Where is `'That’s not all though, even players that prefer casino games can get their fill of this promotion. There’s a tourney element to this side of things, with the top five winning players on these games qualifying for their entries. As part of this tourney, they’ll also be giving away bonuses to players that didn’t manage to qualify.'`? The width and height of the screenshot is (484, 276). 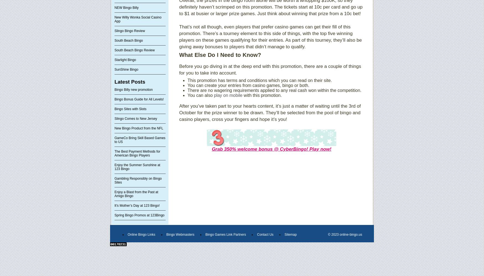 'That’s not all though, even players that prefer casino games can get their fill of this promotion. There’s a tourney element to this side of things, with the top five winning players on these games qualifying for their entries. As part of this tourney, they’ll also be giving away bonuses to players that didn’t manage to qualify.' is located at coordinates (270, 37).